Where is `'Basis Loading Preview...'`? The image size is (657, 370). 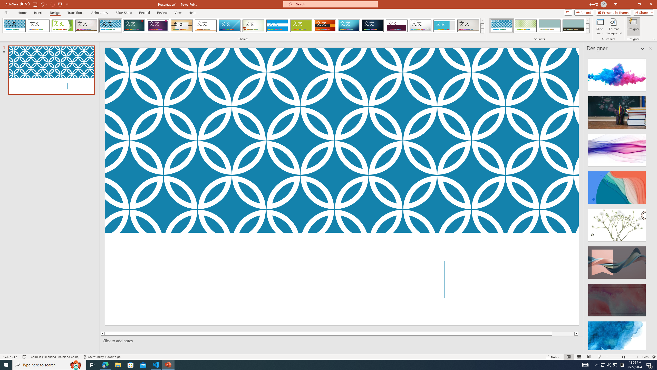
'Basis Loading Preview...' is located at coordinates (301, 25).